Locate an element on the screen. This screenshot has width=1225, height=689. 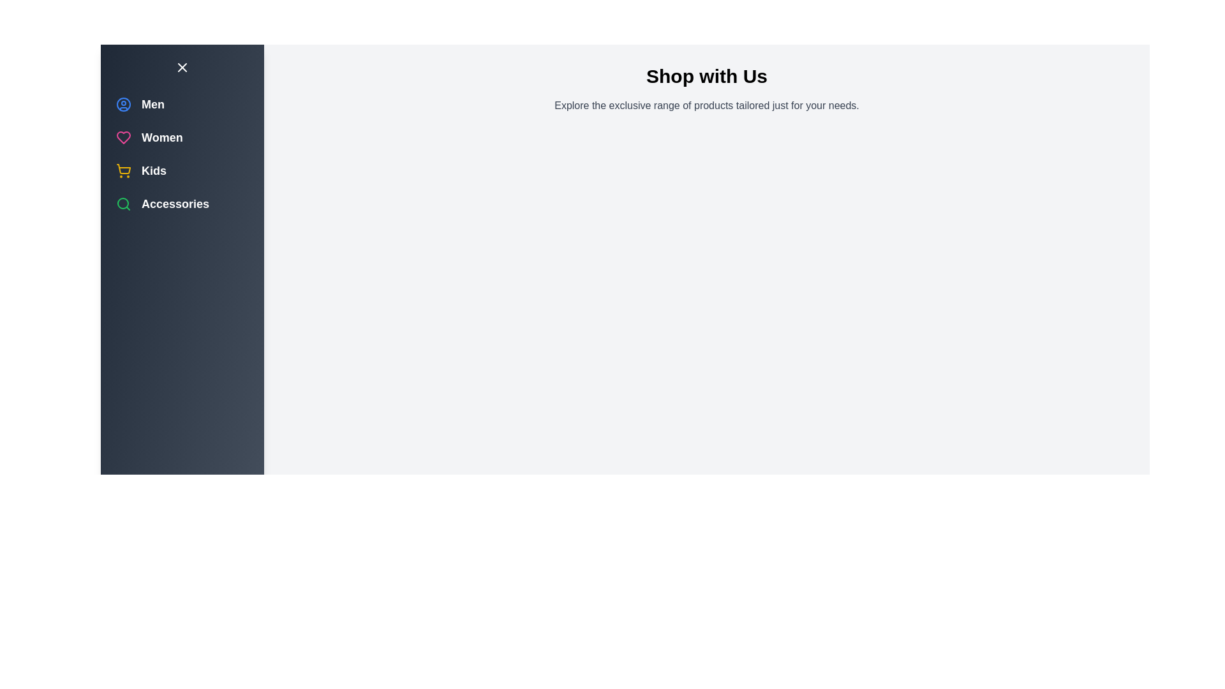
toggle button to toggle the drawer open or closed is located at coordinates (182, 67).